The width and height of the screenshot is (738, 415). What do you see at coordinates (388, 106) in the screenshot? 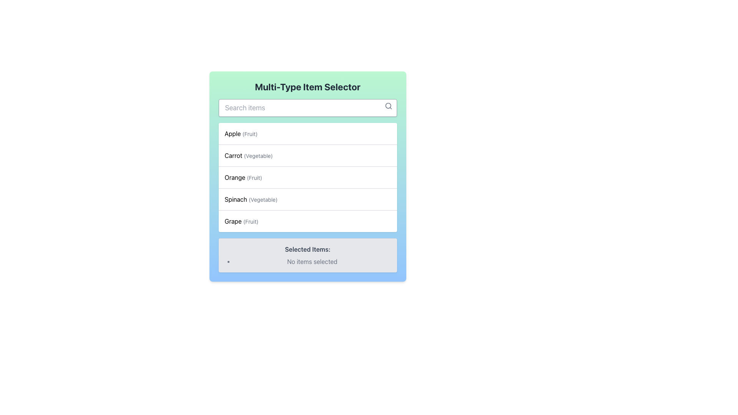
I see `the magnifying glass icon located at the far right end of the search input field to initiate a search` at bounding box center [388, 106].